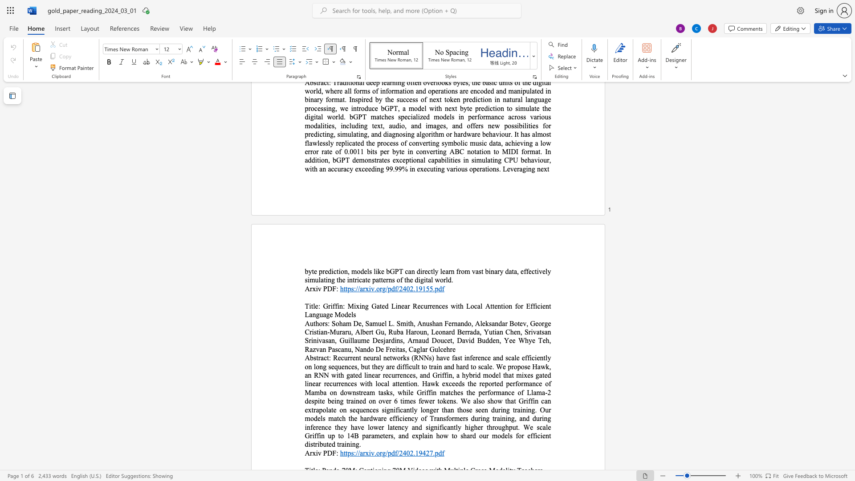 Image resolution: width=855 pixels, height=481 pixels. I want to click on the 1th character "x" in the text, so click(314, 289).